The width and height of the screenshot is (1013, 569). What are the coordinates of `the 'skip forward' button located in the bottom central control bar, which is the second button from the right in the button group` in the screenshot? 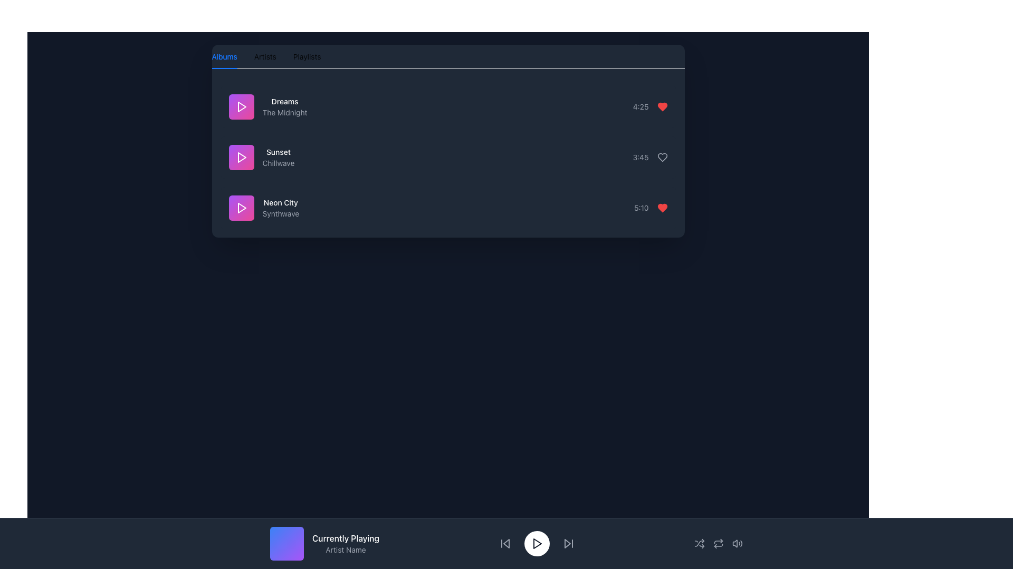 It's located at (567, 544).